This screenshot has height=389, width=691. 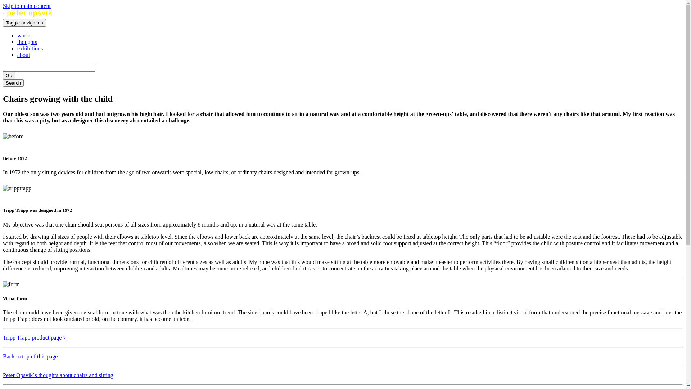 I want to click on 'Toggle navigation', so click(x=24, y=22).